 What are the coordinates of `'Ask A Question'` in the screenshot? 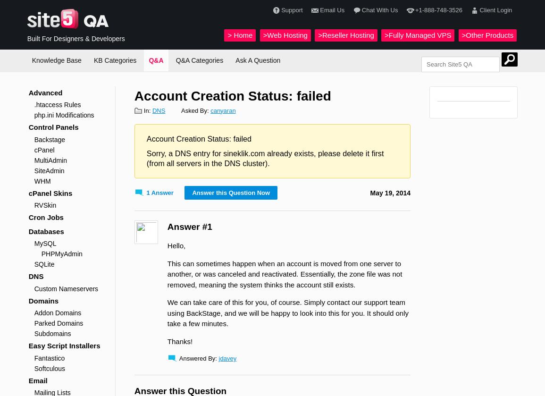 It's located at (257, 60).